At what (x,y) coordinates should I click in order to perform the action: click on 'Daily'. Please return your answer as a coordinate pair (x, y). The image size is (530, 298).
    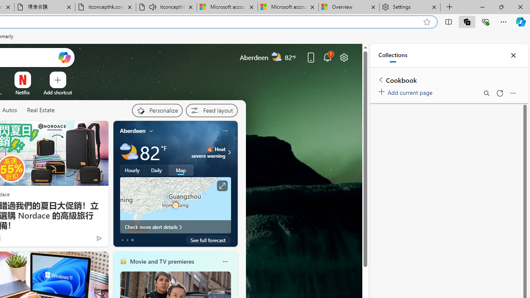
    Looking at the image, I should click on (157, 170).